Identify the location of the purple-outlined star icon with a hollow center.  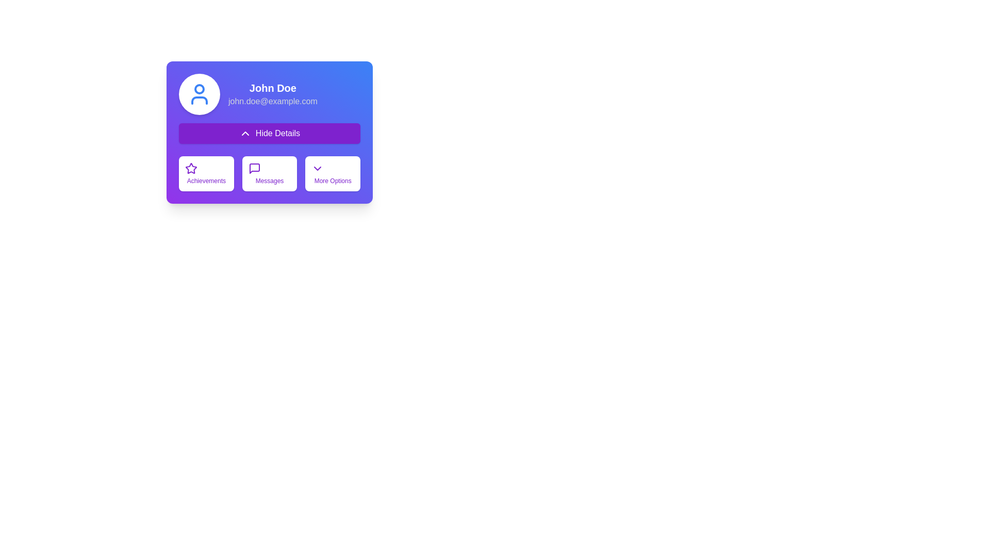
(191, 168).